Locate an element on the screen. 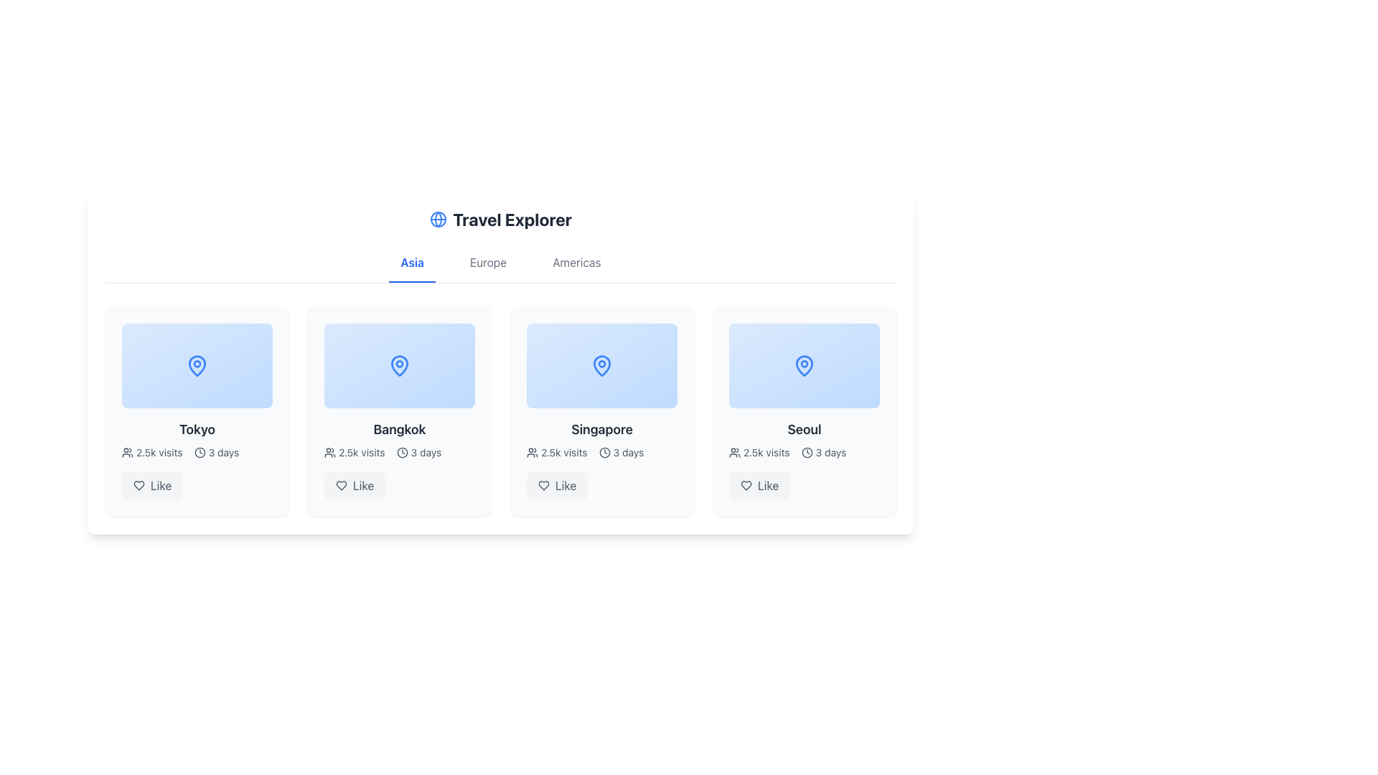  the heart icon within the 'Like' button located under the 'Bangkok' card to initiate the 'like' action is located at coordinates (340, 485).